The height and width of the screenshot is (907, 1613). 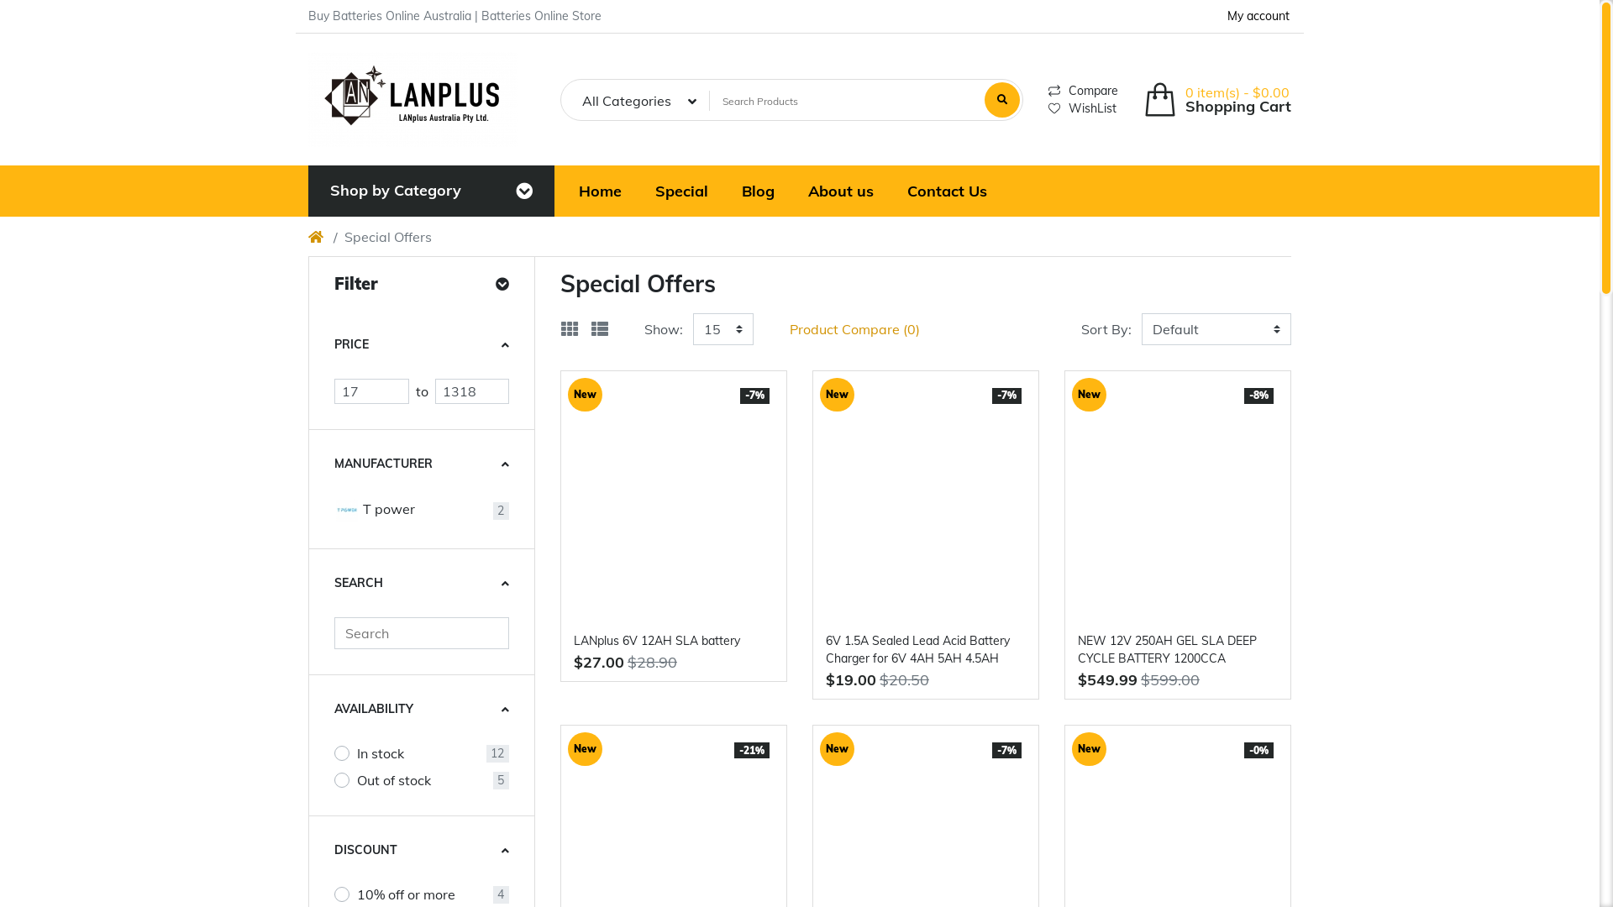 What do you see at coordinates (757, 190) in the screenshot?
I see `'Blog'` at bounding box center [757, 190].